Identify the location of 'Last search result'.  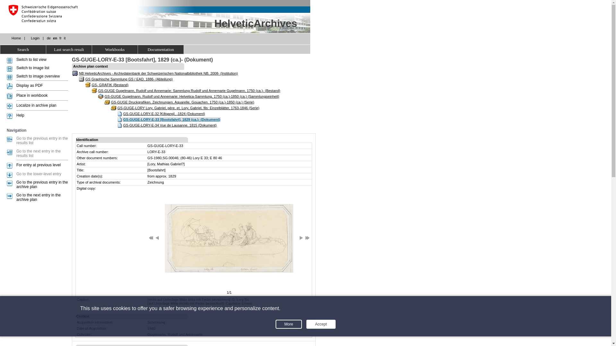
(69, 49).